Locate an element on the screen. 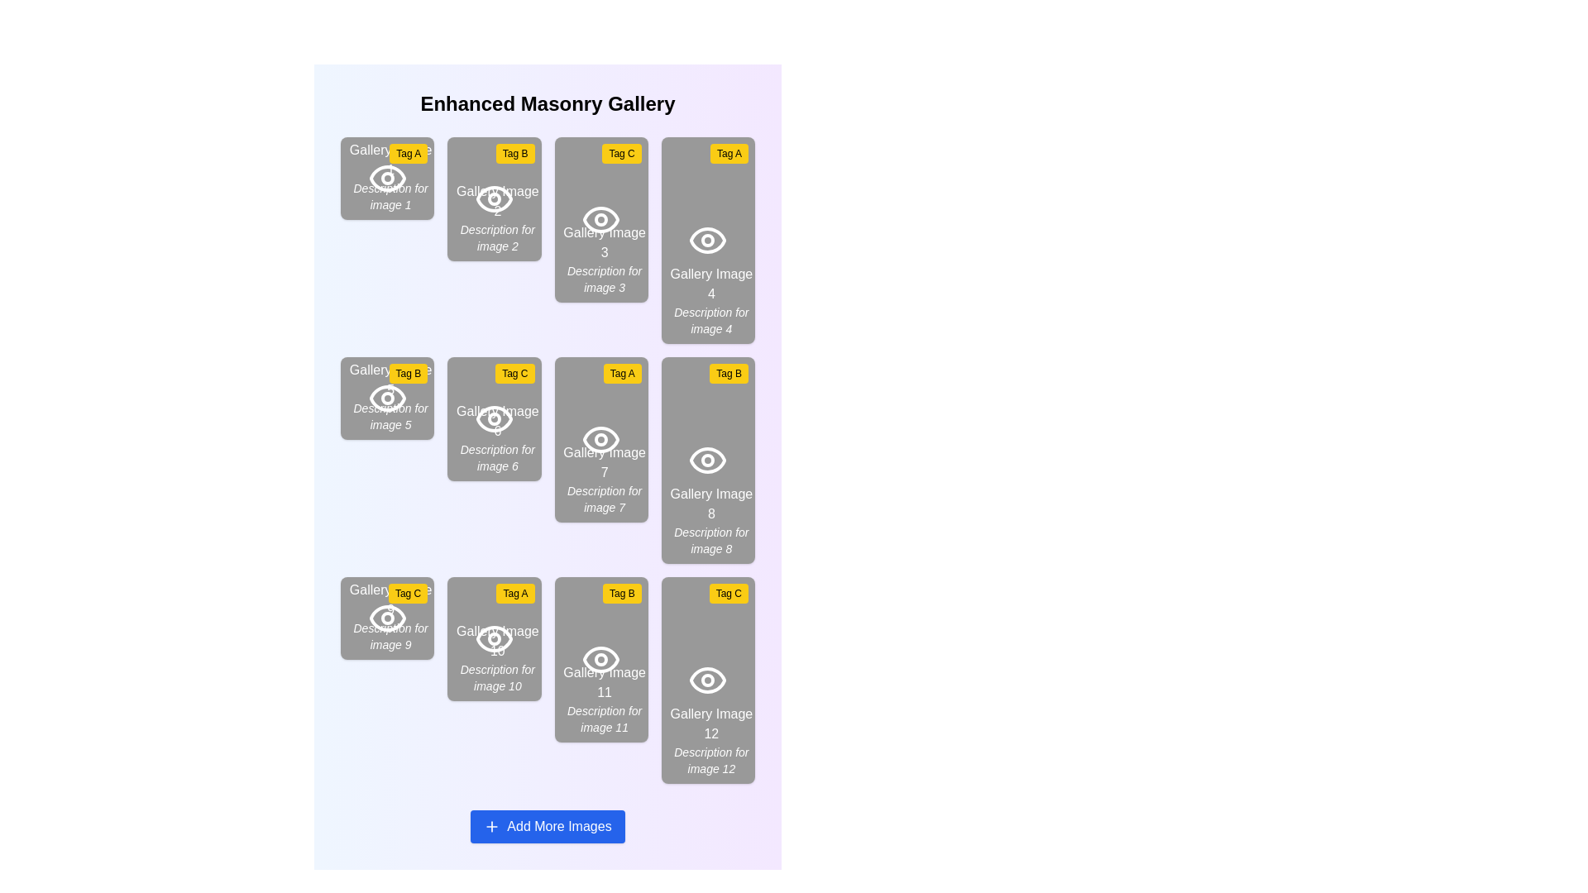 This screenshot has height=893, width=1588. the small circular graphic element within the eye-shaped icon located in the card labeled 'Gallery Image 5' is located at coordinates (386, 399).